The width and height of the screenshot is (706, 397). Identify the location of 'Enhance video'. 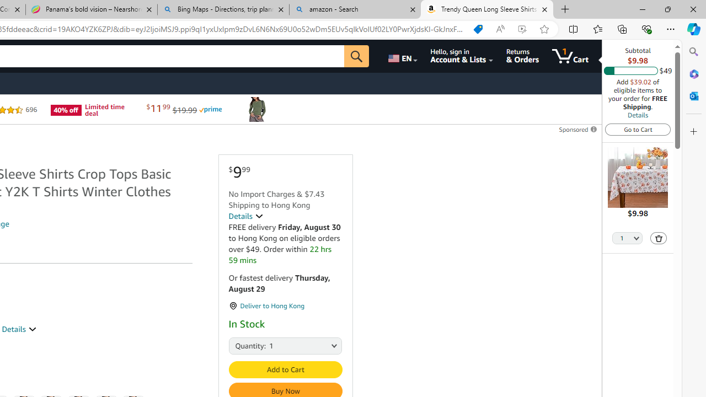
(521, 29).